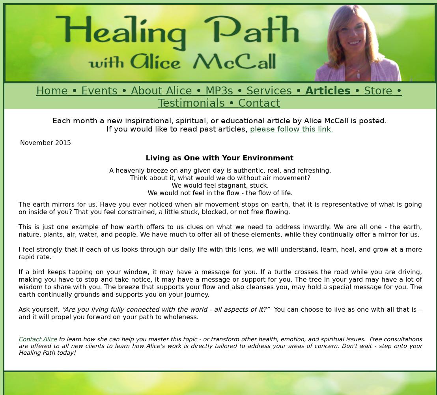  What do you see at coordinates (220, 192) in the screenshot?
I see `'We would not 
			feel in the flow - the flow of life.'` at bounding box center [220, 192].